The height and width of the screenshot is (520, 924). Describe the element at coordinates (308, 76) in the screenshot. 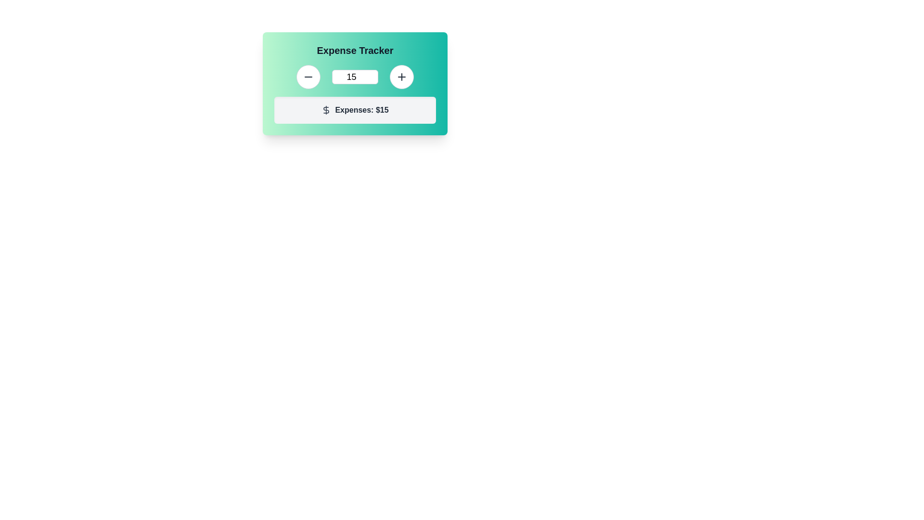

I see `the decrement icon within the button that is used to reduce the value in the adjacent text field` at that location.